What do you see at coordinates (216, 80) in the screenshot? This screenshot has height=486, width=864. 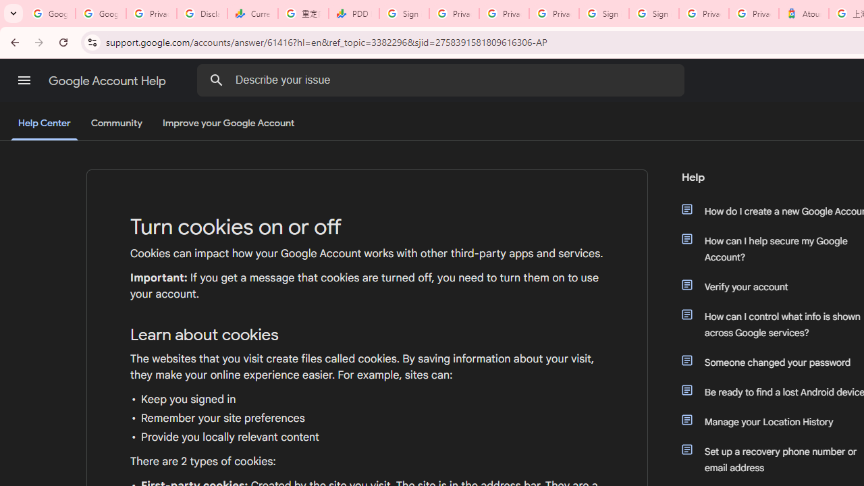 I see `'Search Help Center'` at bounding box center [216, 80].